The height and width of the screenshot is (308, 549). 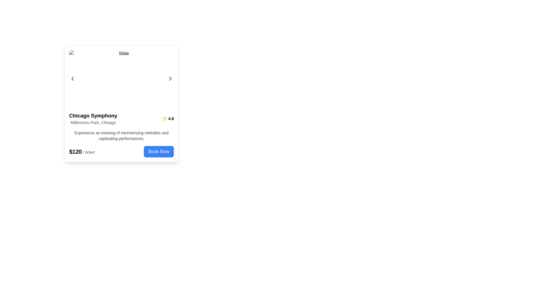 I want to click on the star icon representing the rating indicator for the item, located to the left of the text '4.8' in the top-right region of the main card below the title 'Chicago Symphony', so click(x=164, y=118).